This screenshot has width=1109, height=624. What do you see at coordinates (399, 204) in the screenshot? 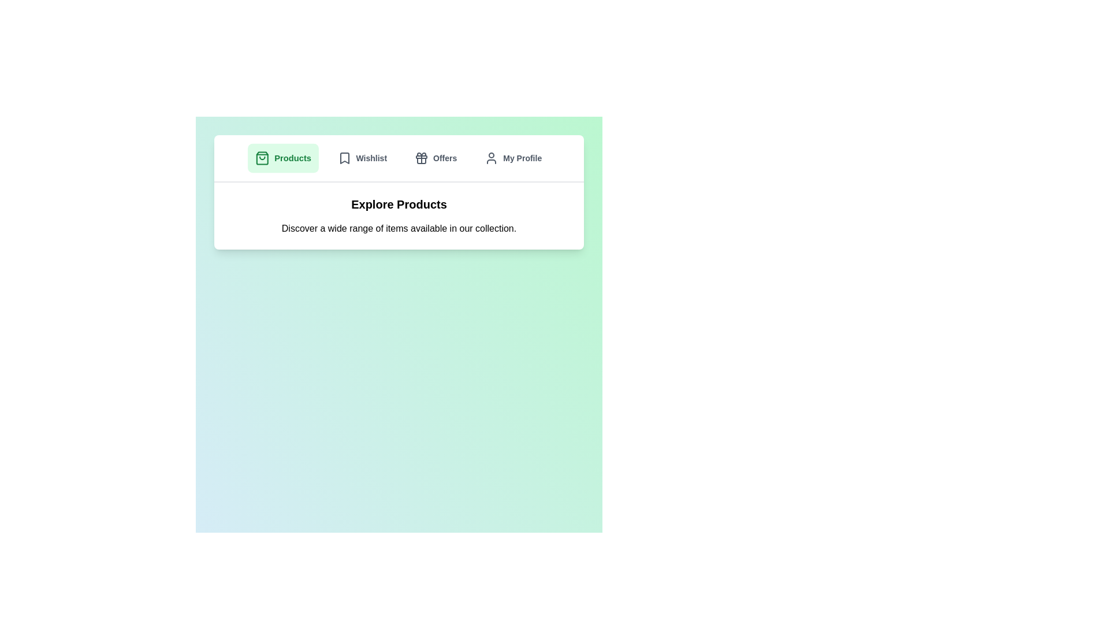
I see `the Static Text Display located centrally above the descriptive text snippet, which serves as a non-interactive title or heading` at bounding box center [399, 204].